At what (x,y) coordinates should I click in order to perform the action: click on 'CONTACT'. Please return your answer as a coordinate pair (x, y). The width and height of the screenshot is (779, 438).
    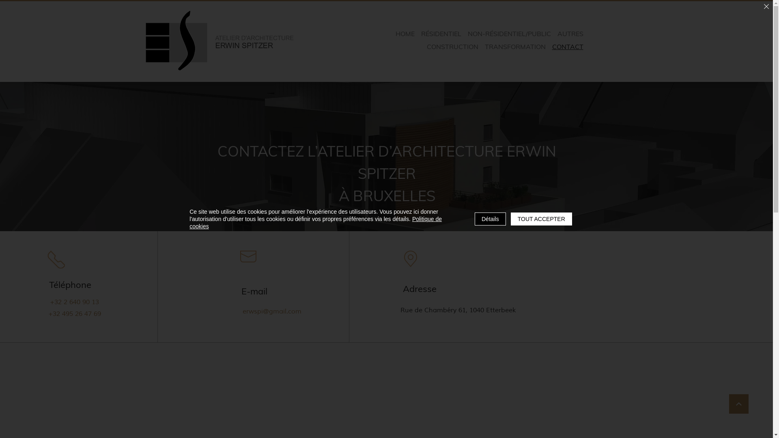
    Looking at the image, I should click on (567, 47).